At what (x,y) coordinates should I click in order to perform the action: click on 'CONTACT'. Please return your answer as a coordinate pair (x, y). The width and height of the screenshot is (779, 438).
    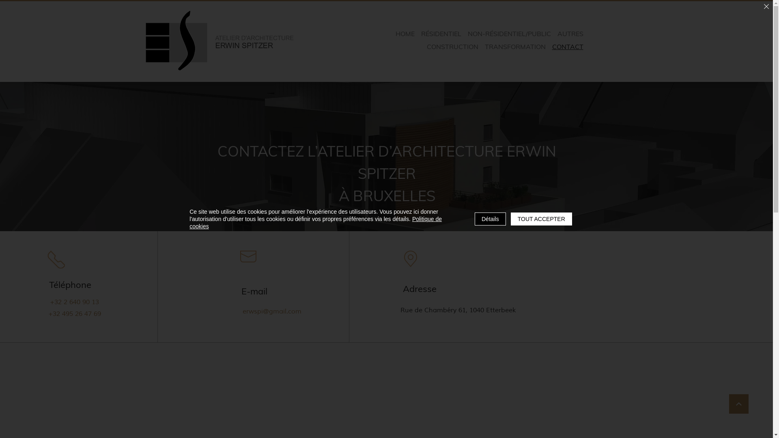
    Looking at the image, I should click on (567, 47).